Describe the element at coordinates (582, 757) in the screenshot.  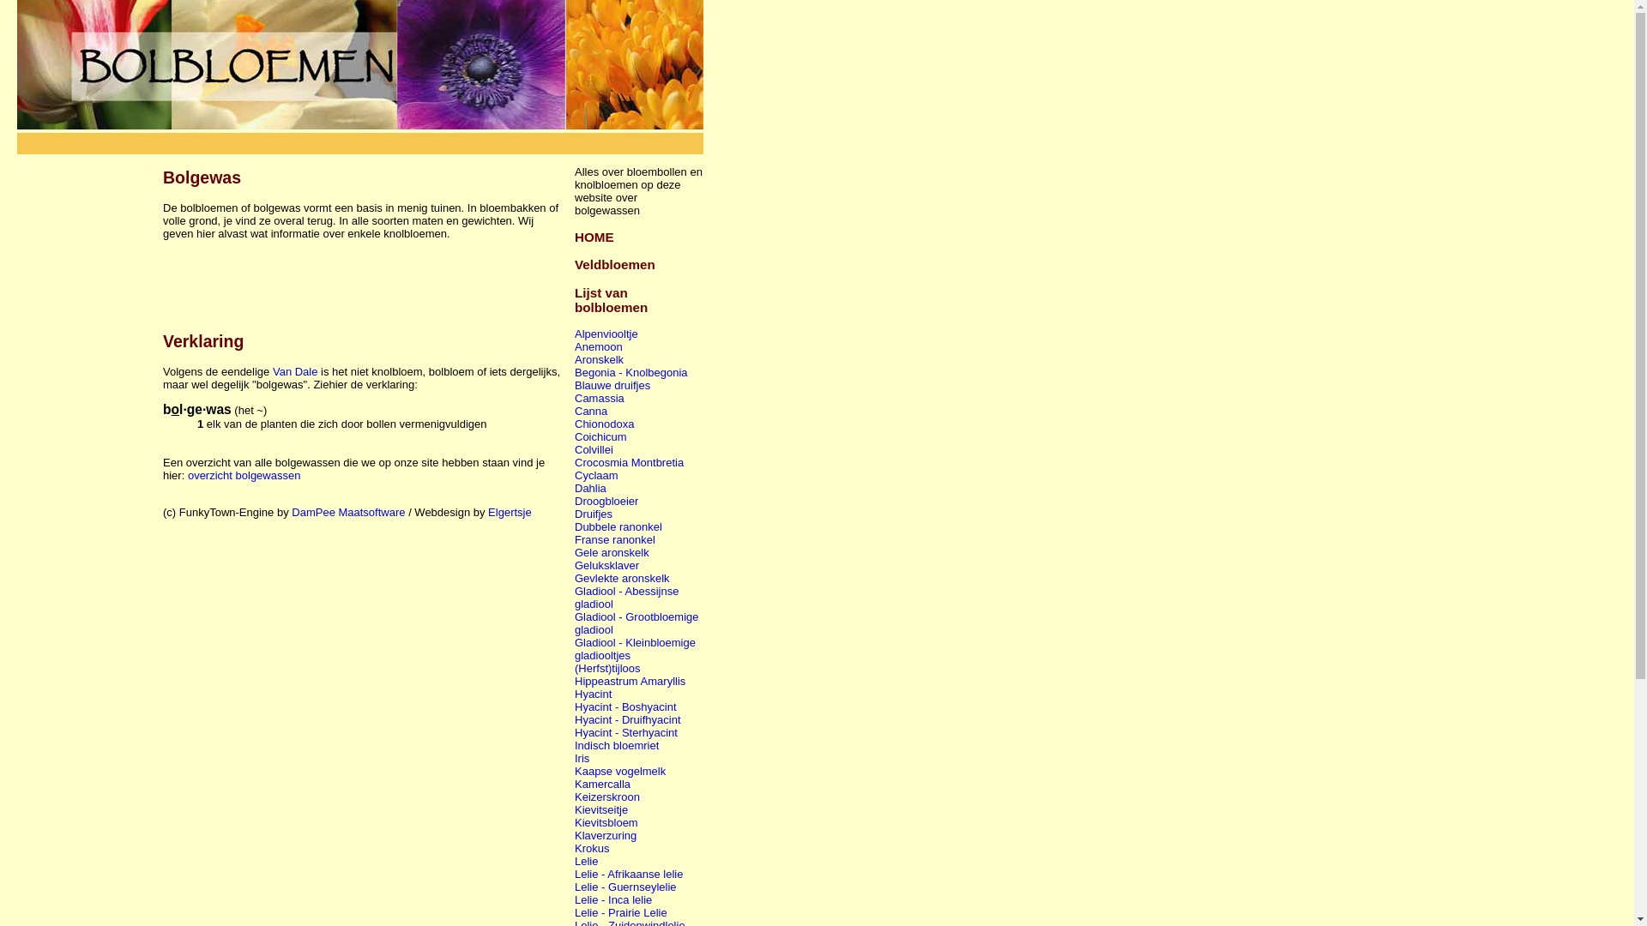
I see `'Iris'` at that location.